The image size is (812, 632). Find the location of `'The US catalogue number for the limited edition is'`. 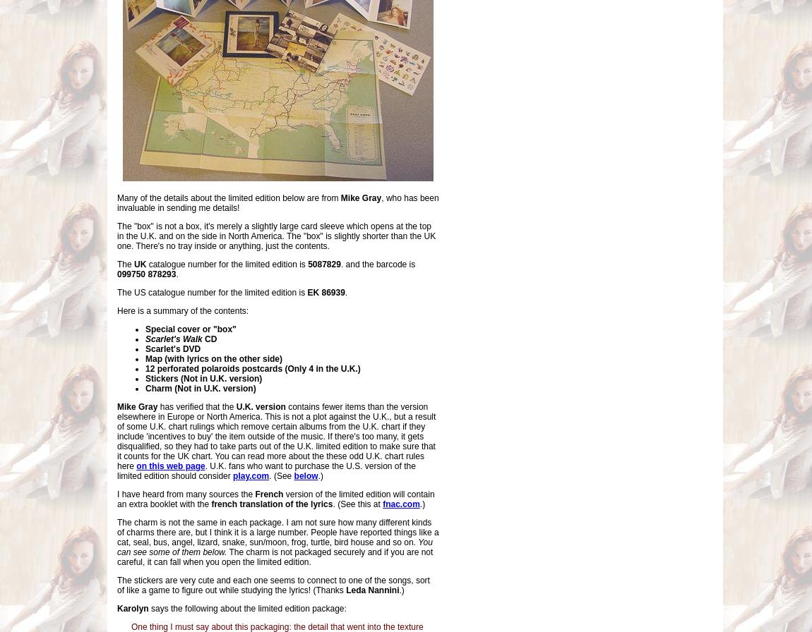

'The US catalogue number for the limited edition is' is located at coordinates (212, 293).